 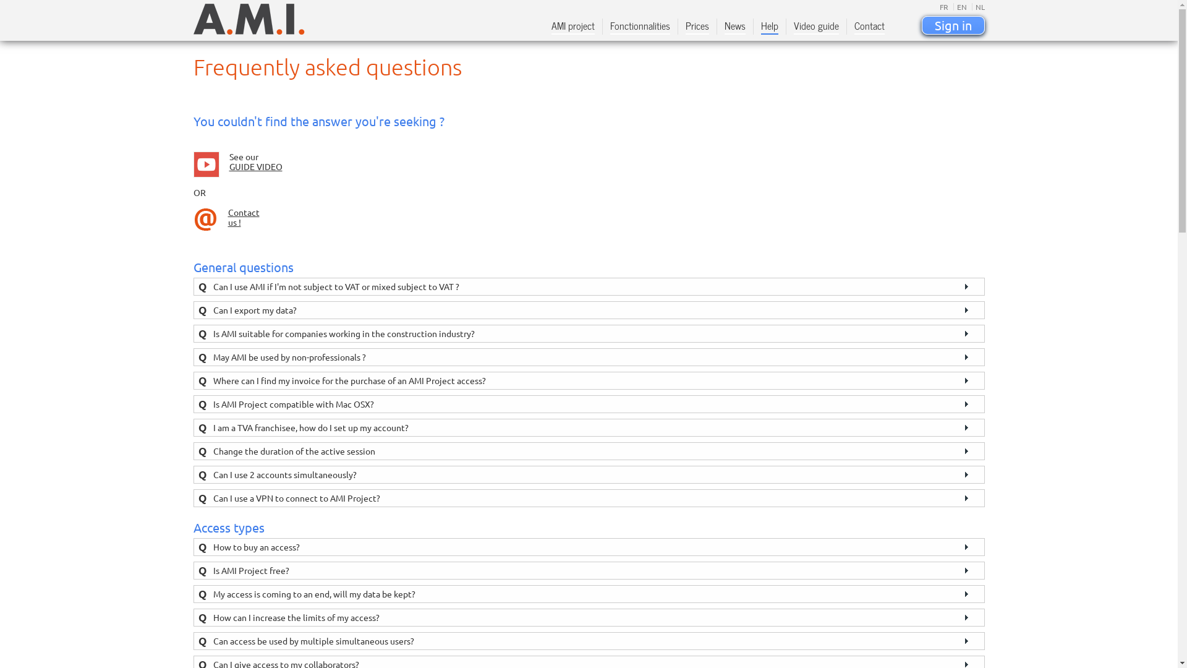 What do you see at coordinates (943, 7) in the screenshot?
I see `'FR'` at bounding box center [943, 7].